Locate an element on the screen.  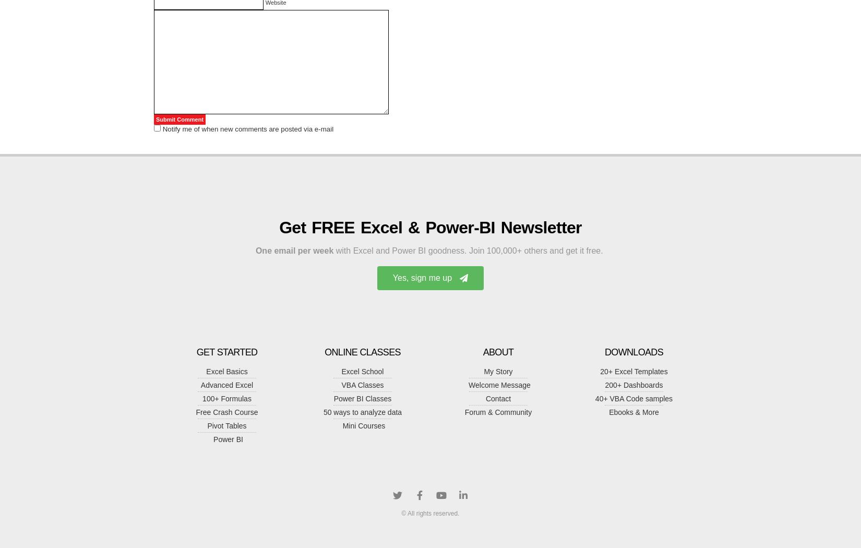
'January 25, 2012 at 9:12 pm' is located at coordinates (206, 215).